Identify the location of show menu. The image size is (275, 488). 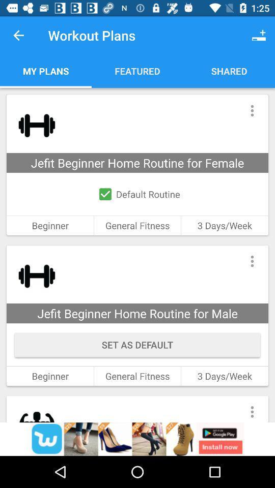
(252, 110).